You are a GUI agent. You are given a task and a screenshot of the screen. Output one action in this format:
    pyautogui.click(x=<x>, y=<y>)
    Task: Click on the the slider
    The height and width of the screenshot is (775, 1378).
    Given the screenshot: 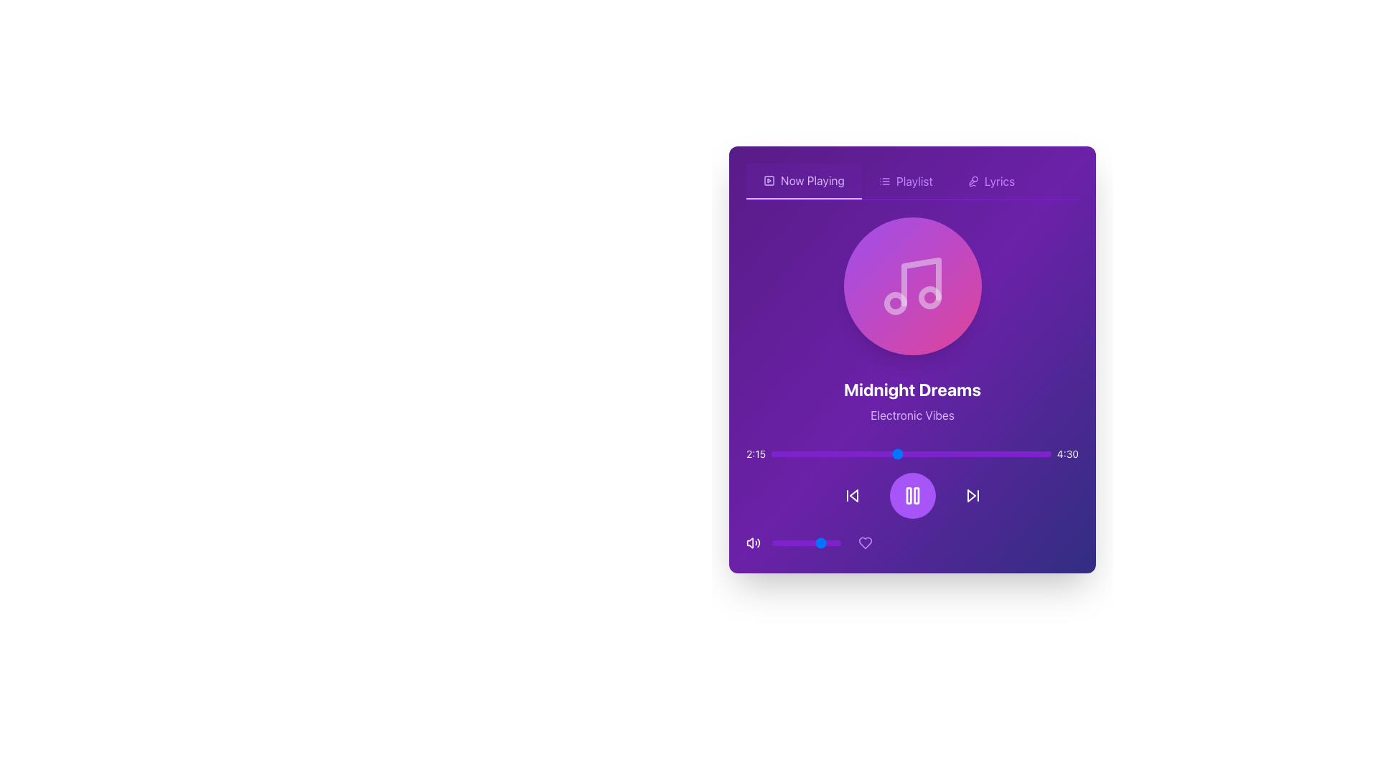 What is the action you would take?
    pyautogui.click(x=1014, y=454)
    